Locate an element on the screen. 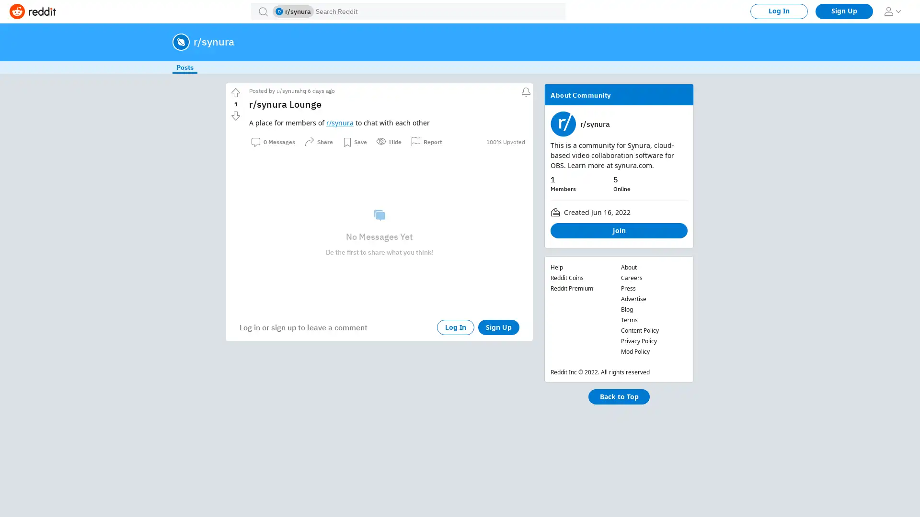 The image size is (920, 517). Share is located at coordinates (319, 142).